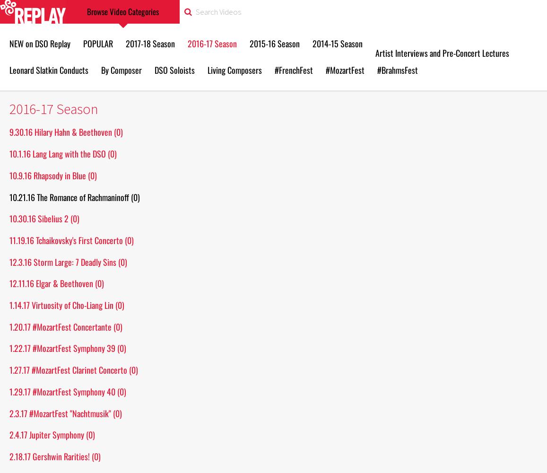 Image resolution: width=547 pixels, height=473 pixels. Describe the element at coordinates (74, 197) in the screenshot. I see `'10.21.16 The Romance of Rachmaninoff (0)'` at that location.